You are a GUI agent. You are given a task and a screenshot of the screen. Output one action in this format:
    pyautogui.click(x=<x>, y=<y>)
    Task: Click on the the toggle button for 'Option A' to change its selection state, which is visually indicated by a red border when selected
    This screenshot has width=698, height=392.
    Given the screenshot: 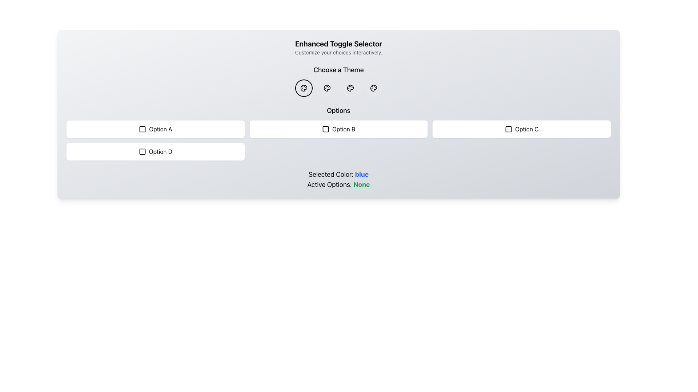 What is the action you would take?
    pyautogui.click(x=143, y=128)
    